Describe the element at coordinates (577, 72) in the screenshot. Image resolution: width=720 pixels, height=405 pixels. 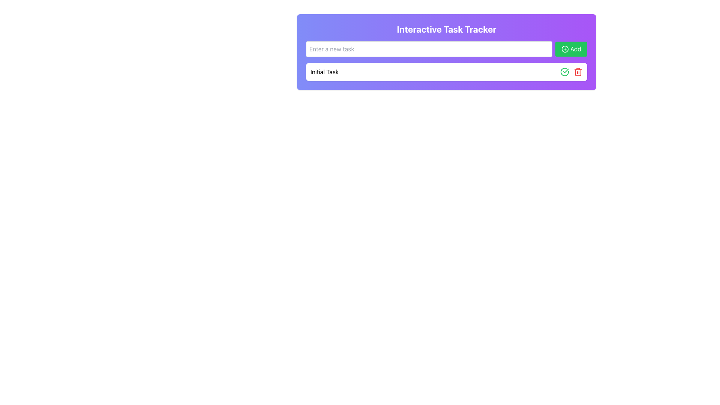
I see `the deletion button located to the right of the green confirmation button in the task list interface` at that location.